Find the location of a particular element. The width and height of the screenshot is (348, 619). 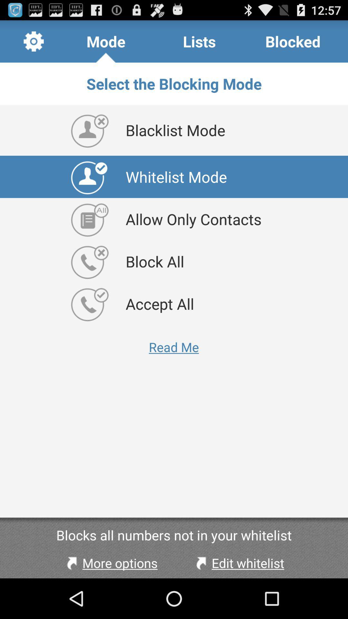

more options item is located at coordinates (110, 563).